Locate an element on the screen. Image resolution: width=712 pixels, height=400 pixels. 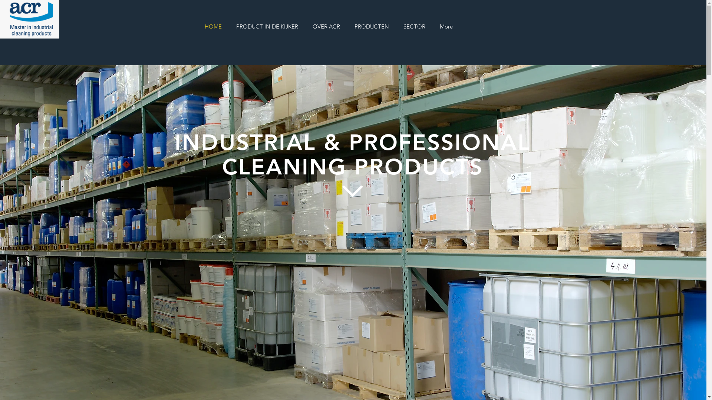
'PRODUCTEN' is located at coordinates (372, 26).